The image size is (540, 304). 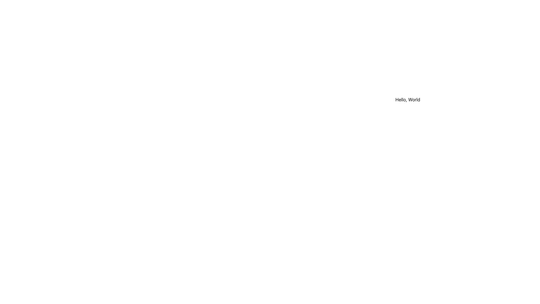 I want to click on the Text Label displaying 'Hello, World' in a sans-serif font, located in the top-right quadrant of the interface, so click(x=408, y=99).